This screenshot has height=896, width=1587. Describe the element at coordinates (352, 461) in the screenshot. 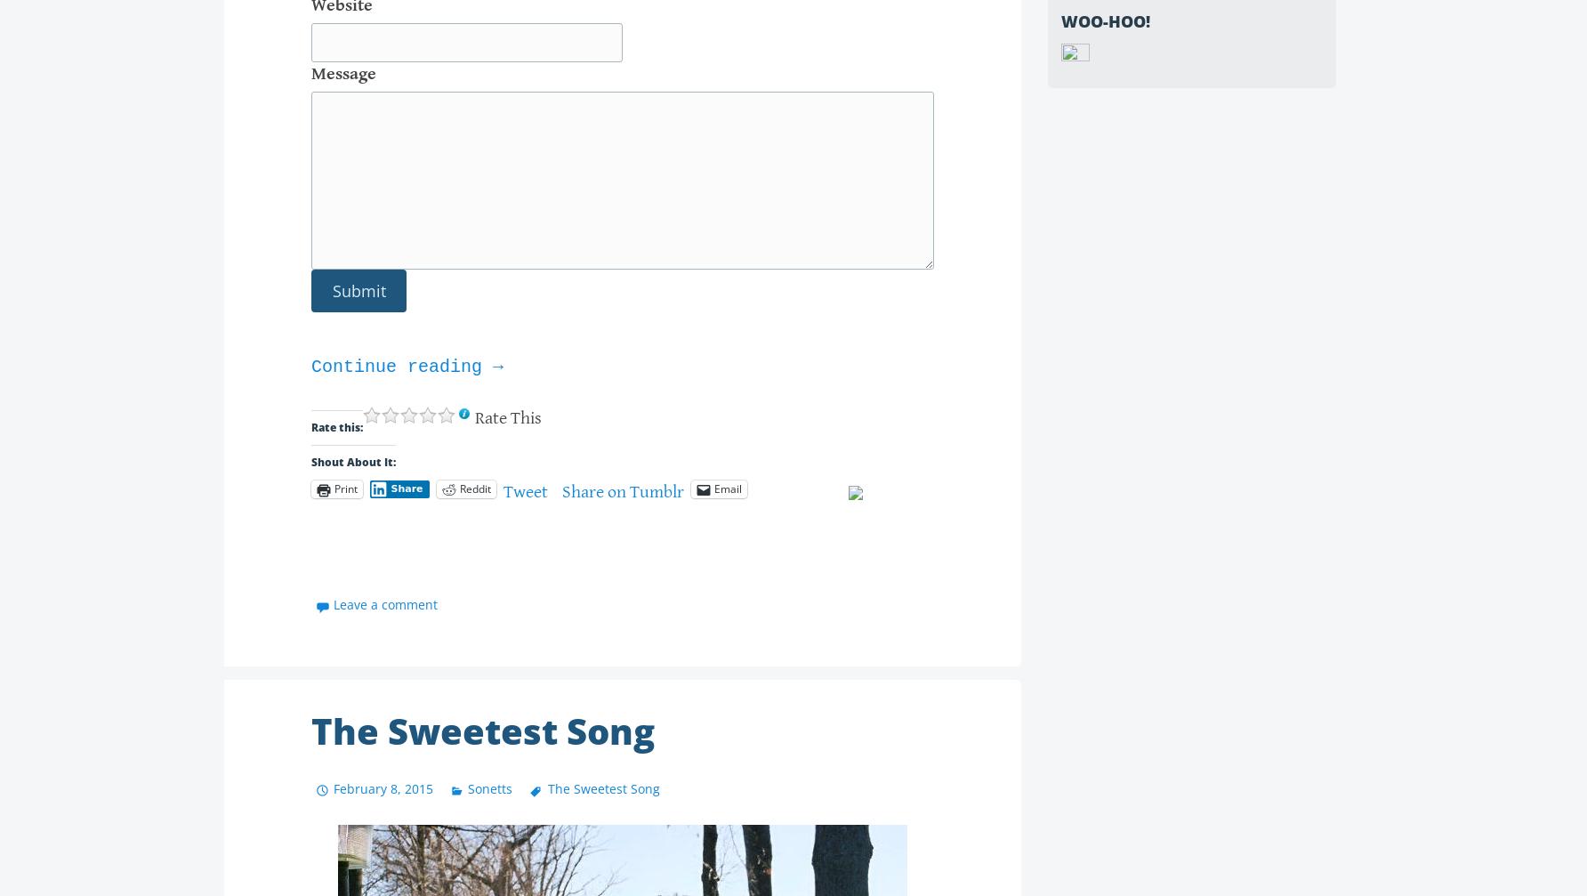

I see `'Shout About It:'` at that location.